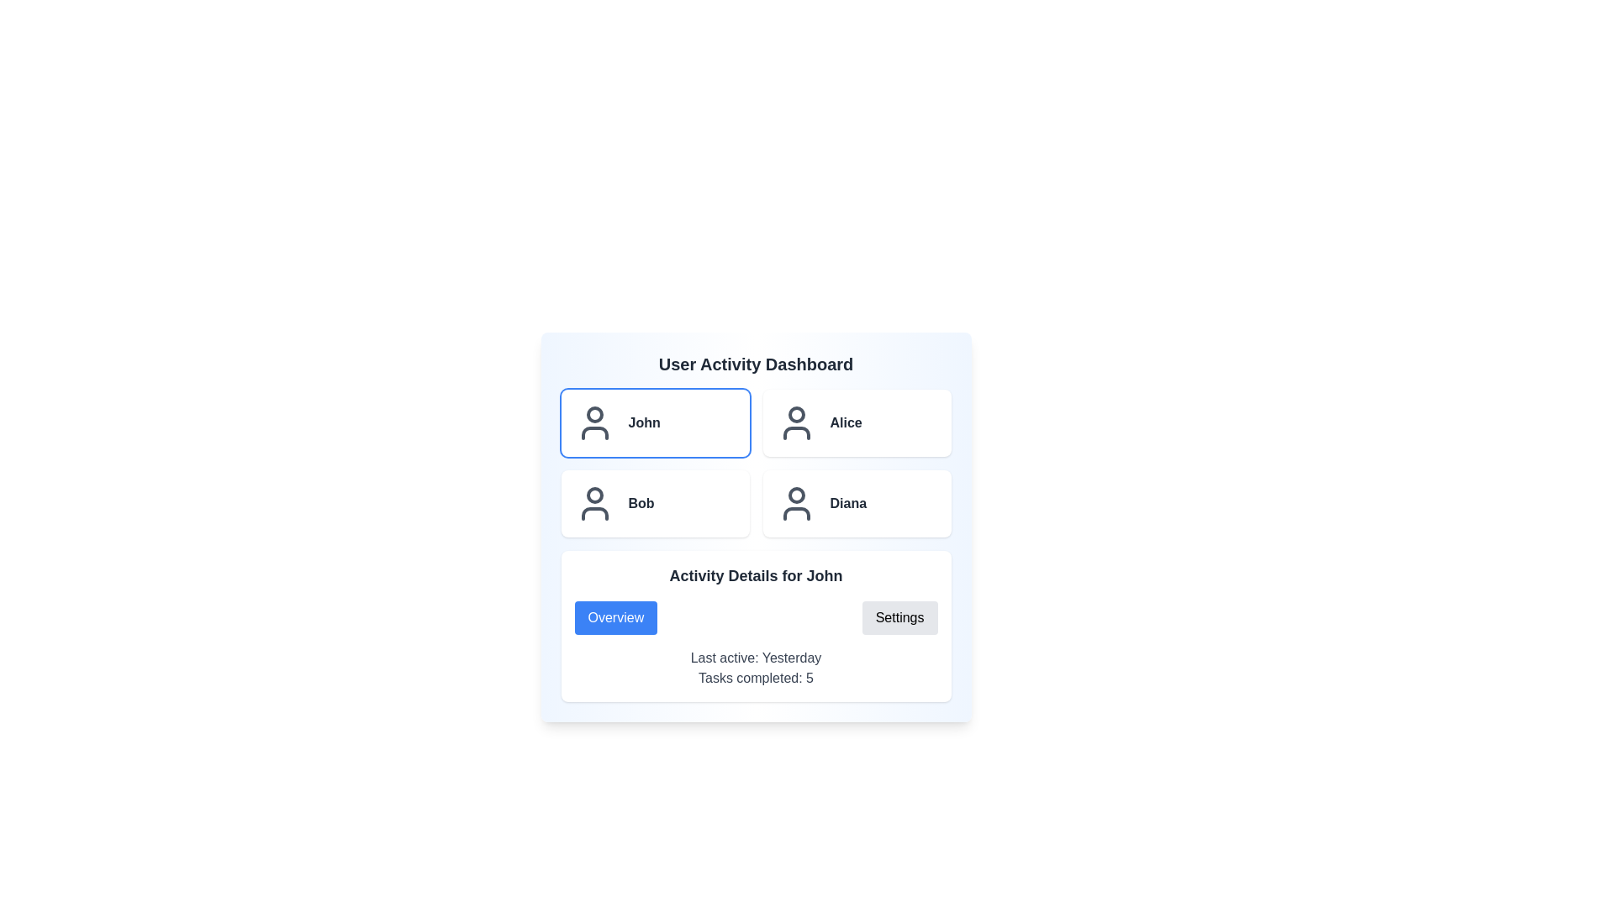 The width and height of the screenshot is (1614, 907). Describe the element at coordinates (594, 422) in the screenshot. I see `the user profile icon associated with the name 'John' located in the upper left corner of the 'User Activity Dashboard' section` at that location.